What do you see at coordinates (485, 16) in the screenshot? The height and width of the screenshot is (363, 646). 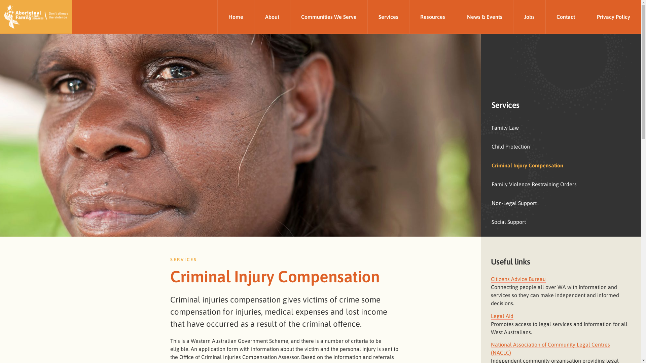 I see `'News & Events'` at bounding box center [485, 16].